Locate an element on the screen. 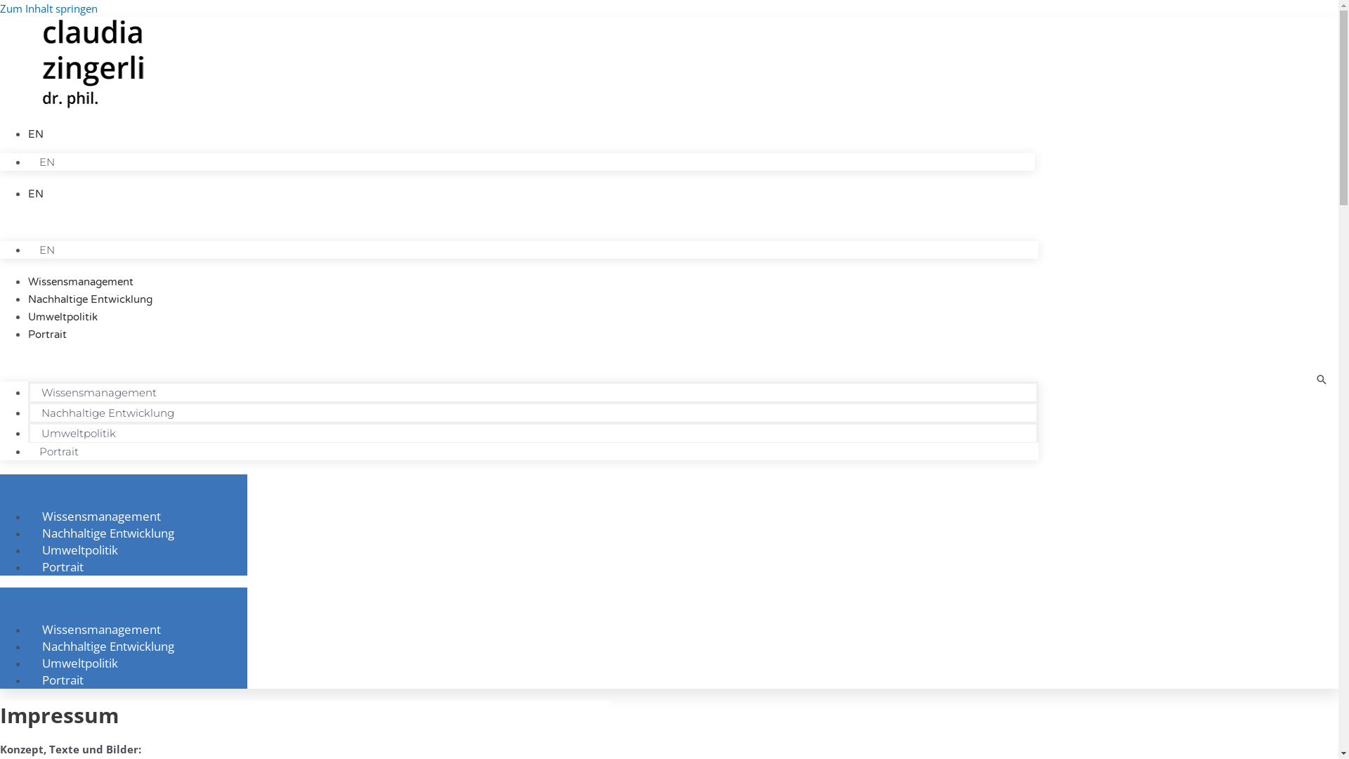 The image size is (1349, 759). 'Wissensmanagement' is located at coordinates (80, 282).